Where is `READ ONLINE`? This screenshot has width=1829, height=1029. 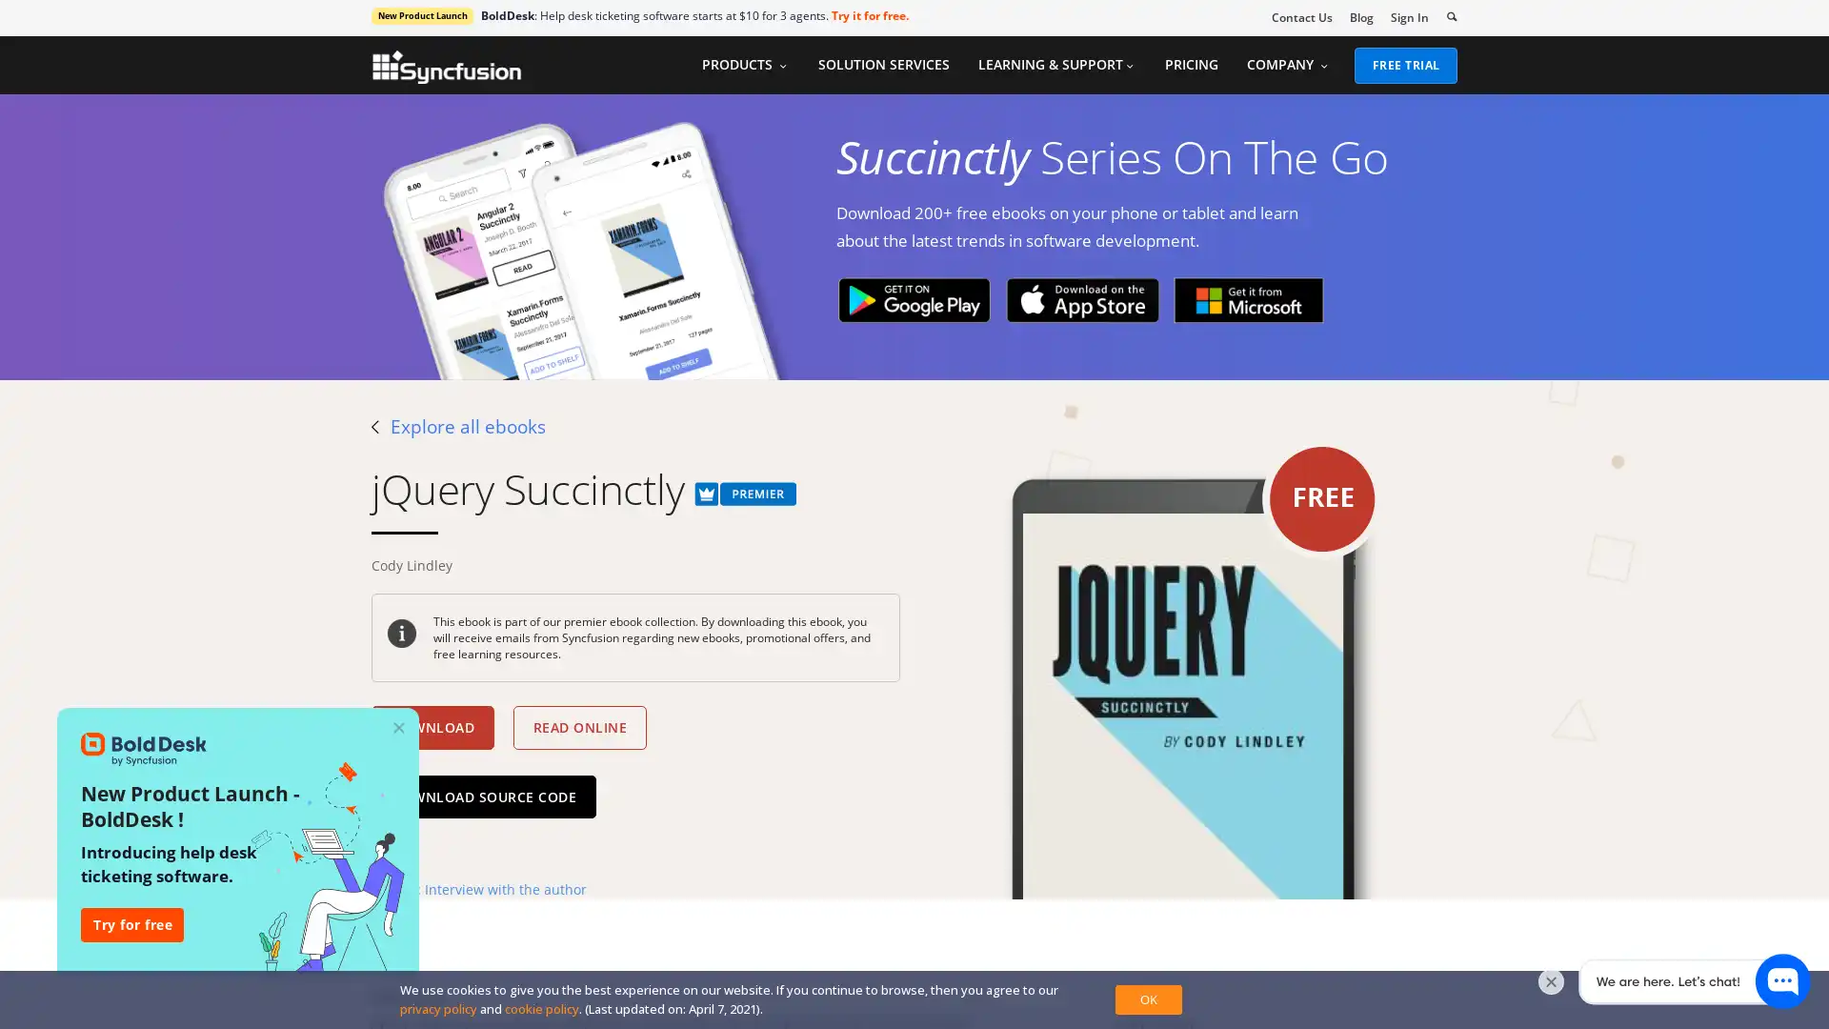 READ ONLINE is located at coordinates (578, 727).